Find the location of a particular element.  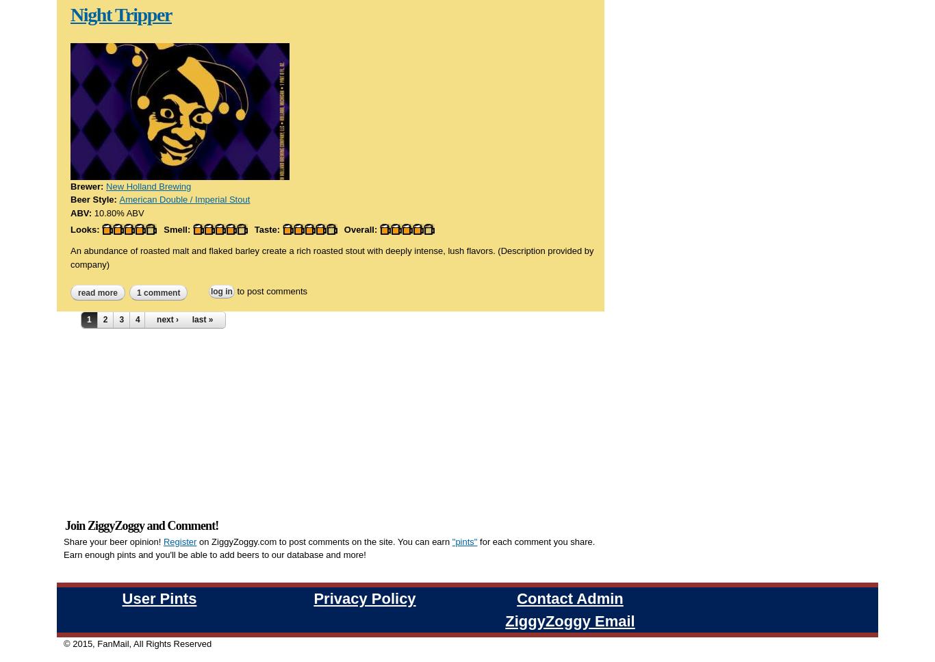

'5' is located at coordinates (153, 319).